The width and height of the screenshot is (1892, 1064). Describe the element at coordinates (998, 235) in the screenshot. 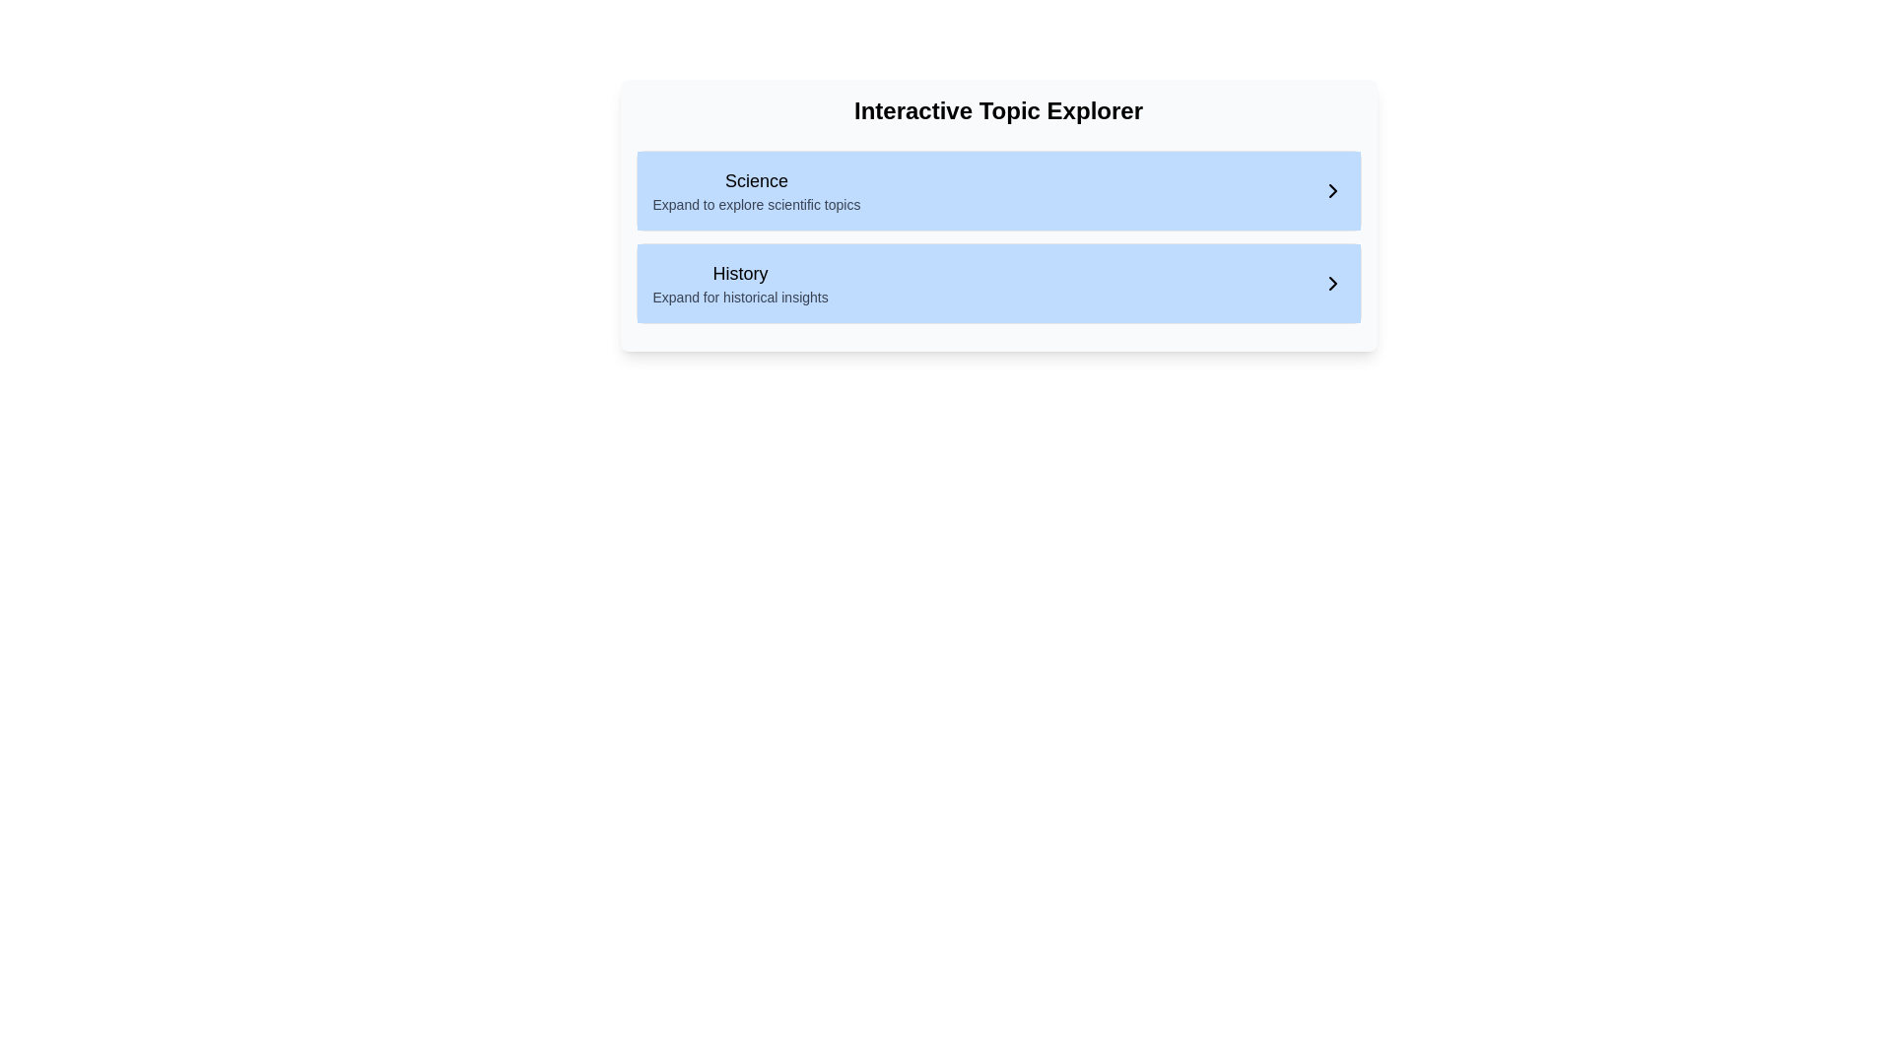

I see `the expandable section titled 'History' within the 'Interactive Topic Explorer'` at that location.